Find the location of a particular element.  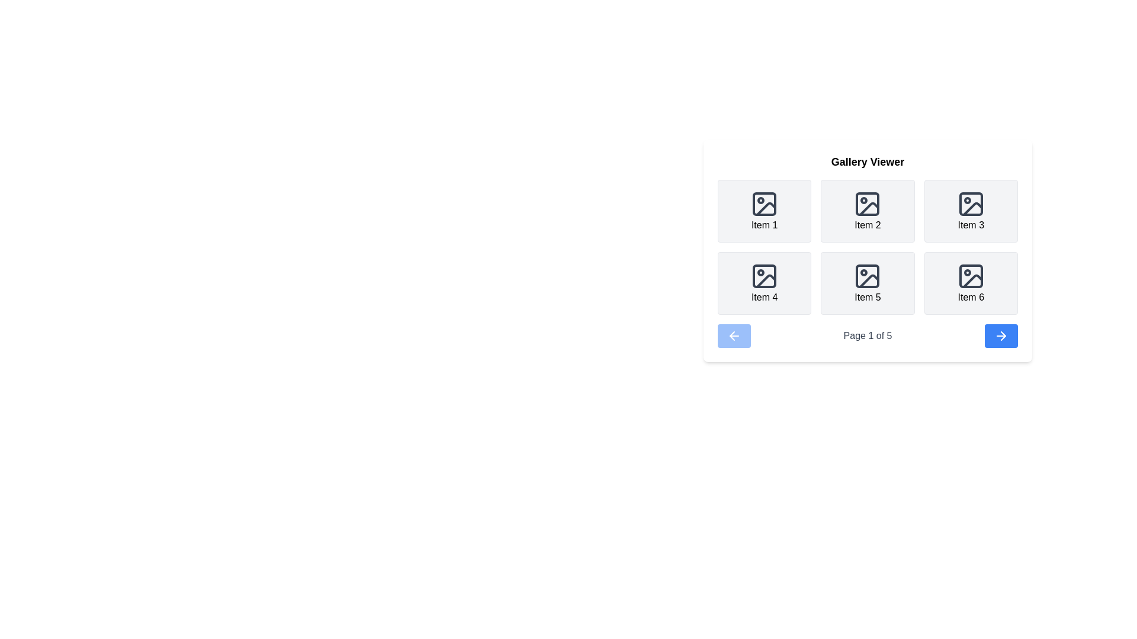

the decorative shape located in the upper-left corner of the image icon for 'Item 4' in the second row of the gallery viewer grid is located at coordinates (765, 276).